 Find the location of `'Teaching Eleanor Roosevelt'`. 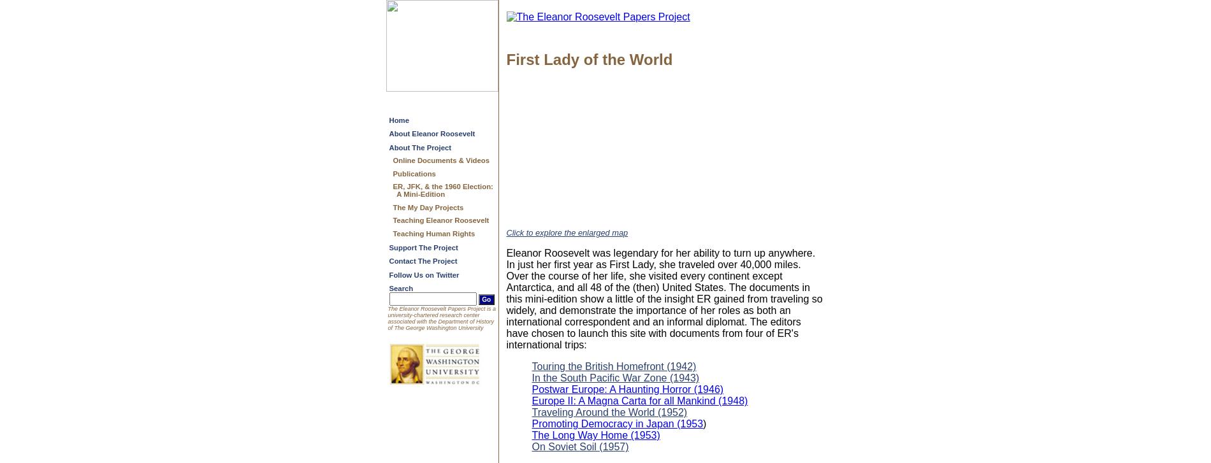

'Teaching Eleanor Roosevelt' is located at coordinates (440, 220).